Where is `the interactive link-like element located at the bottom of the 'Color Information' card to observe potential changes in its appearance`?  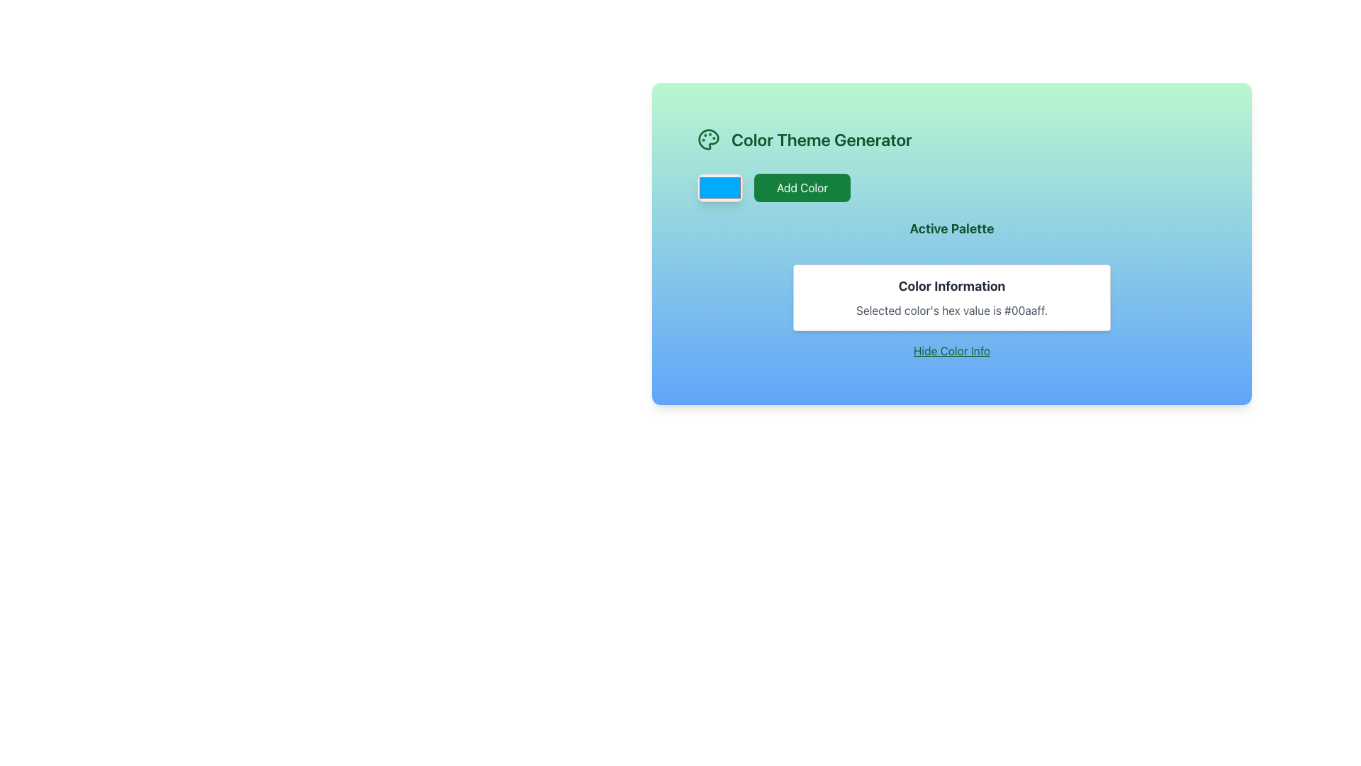
the interactive link-like element located at the bottom of the 'Color Information' card to observe potential changes in its appearance is located at coordinates (952, 350).